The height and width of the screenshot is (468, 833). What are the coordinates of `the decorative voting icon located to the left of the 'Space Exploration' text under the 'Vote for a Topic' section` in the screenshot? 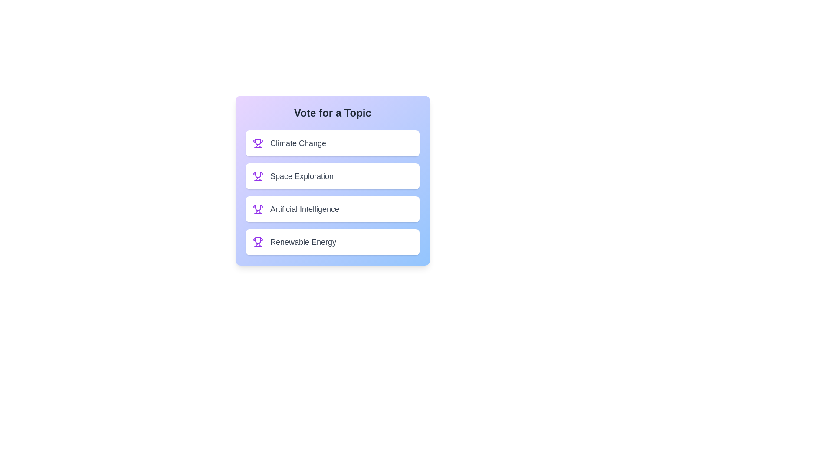 It's located at (258, 174).